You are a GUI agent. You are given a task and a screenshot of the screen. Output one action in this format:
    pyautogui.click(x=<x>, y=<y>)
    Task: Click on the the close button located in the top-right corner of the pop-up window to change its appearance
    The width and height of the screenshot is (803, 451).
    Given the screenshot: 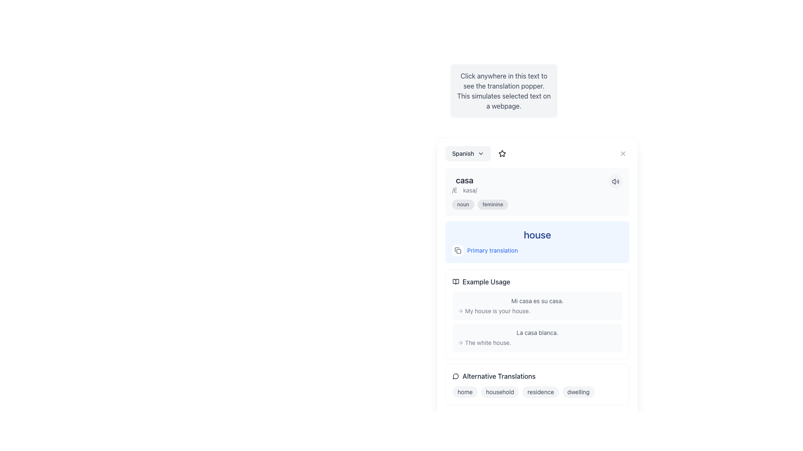 What is the action you would take?
    pyautogui.click(x=623, y=153)
    